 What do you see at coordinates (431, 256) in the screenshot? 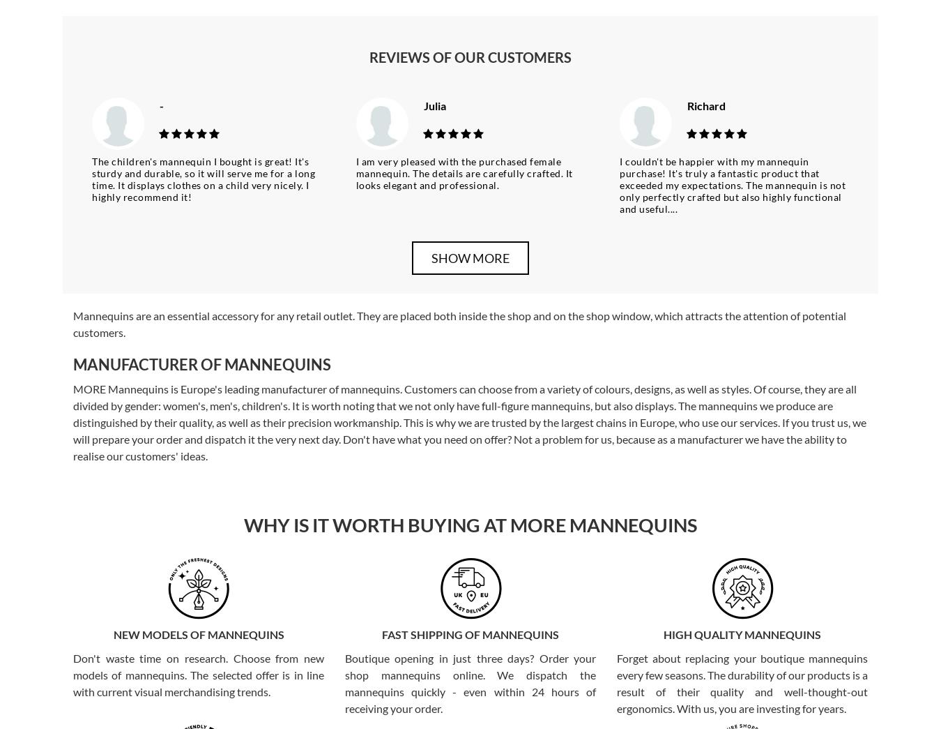
I see `'Show more'` at bounding box center [431, 256].